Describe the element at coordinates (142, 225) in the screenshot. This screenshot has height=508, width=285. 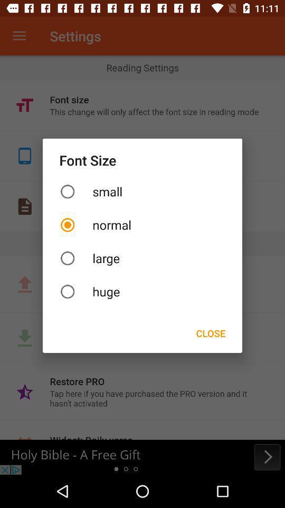
I see `normal` at that location.